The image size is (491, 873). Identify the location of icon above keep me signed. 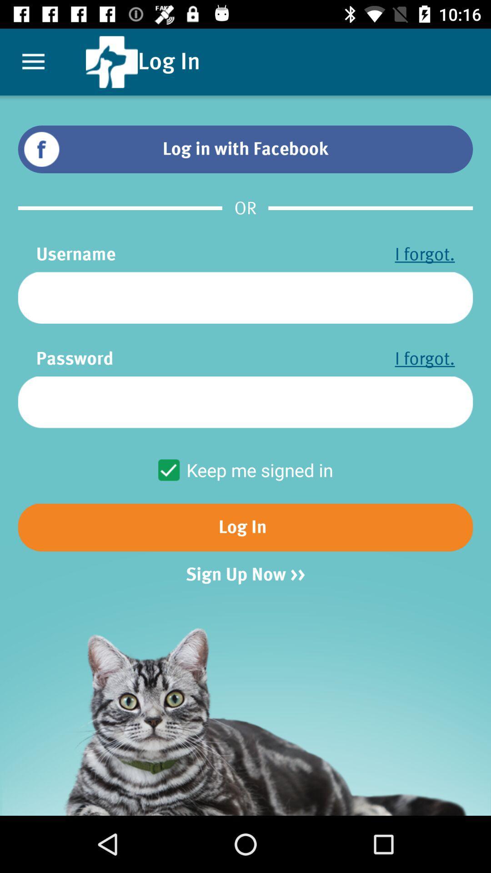
(245, 401).